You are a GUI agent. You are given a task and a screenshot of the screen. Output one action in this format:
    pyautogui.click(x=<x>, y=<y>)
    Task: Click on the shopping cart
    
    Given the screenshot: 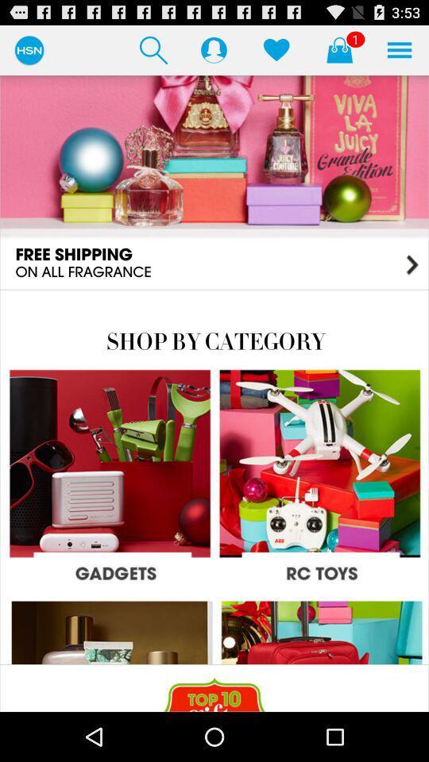 What is the action you would take?
    pyautogui.click(x=338, y=49)
    